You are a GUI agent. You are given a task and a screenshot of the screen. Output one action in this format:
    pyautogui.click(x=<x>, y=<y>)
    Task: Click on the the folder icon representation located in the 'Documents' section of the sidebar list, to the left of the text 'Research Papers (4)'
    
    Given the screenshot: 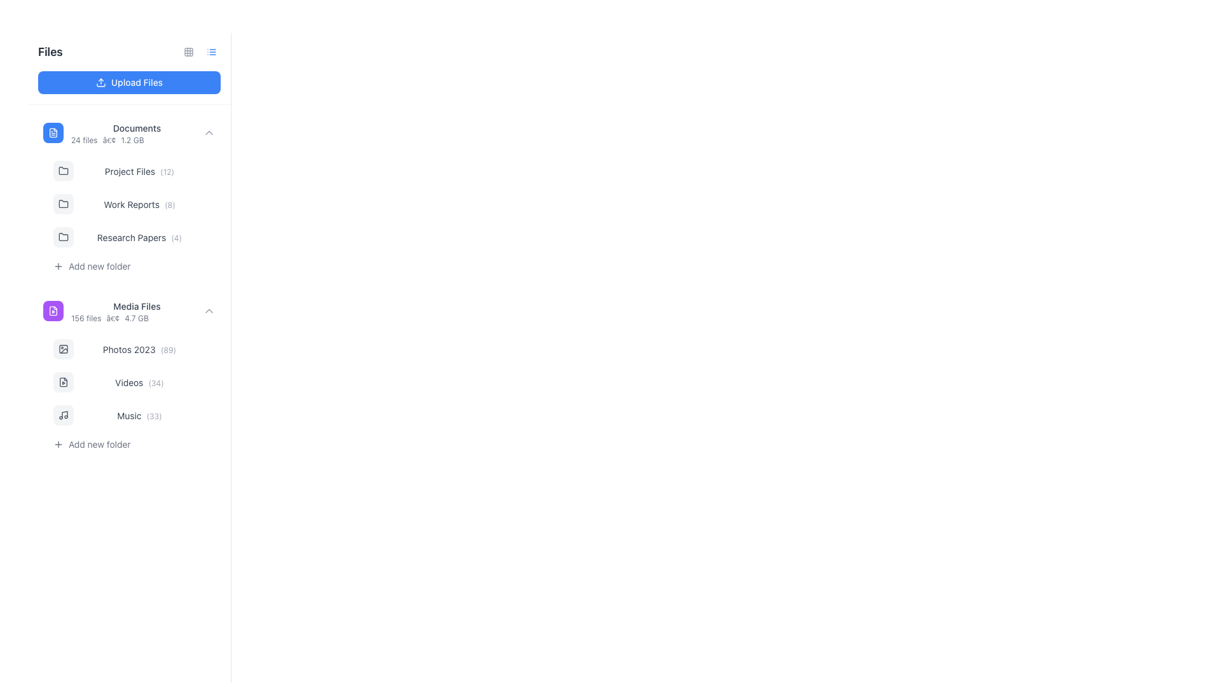 What is the action you would take?
    pyautogui.click(x=63, y=236)
    